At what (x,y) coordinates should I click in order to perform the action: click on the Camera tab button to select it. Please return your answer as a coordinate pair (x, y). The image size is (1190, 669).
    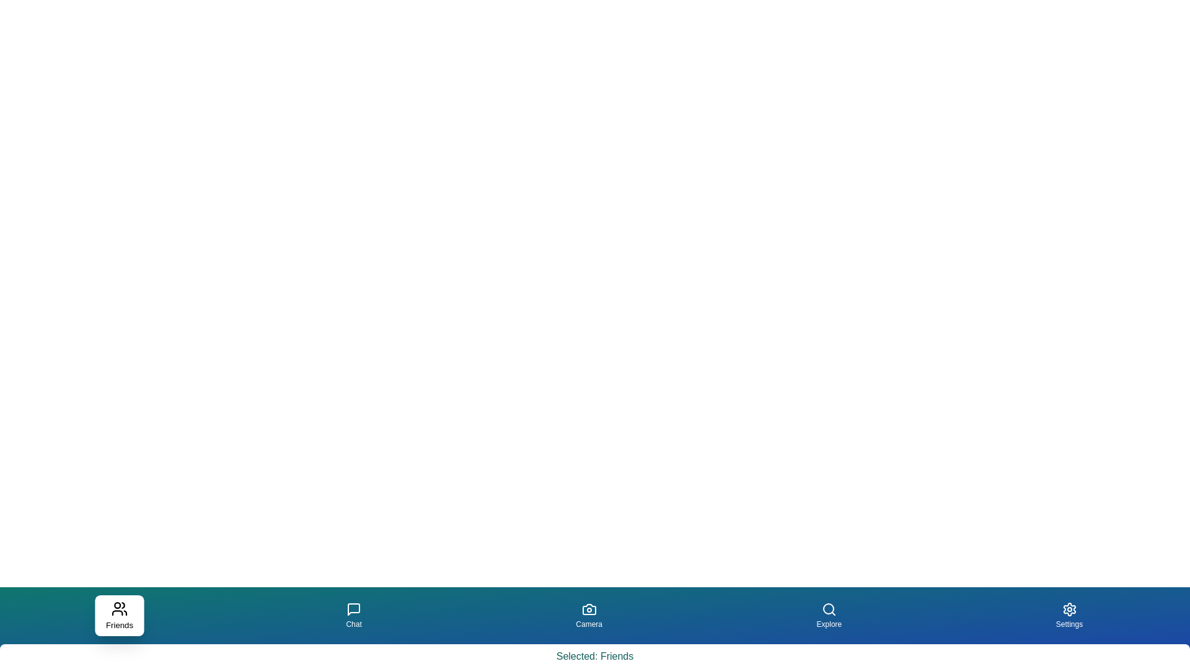
    Looking at the image, I should click on (588, 616).